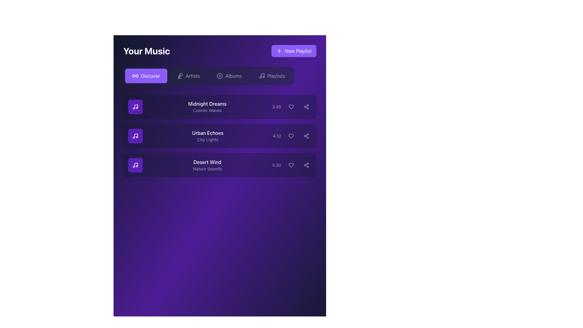 This screenshot has width=583, height=328. Describe the element at coordinates (276, 76) in the screenshot. I see `the 'Playlists' text label in the navigation bar` at that location.